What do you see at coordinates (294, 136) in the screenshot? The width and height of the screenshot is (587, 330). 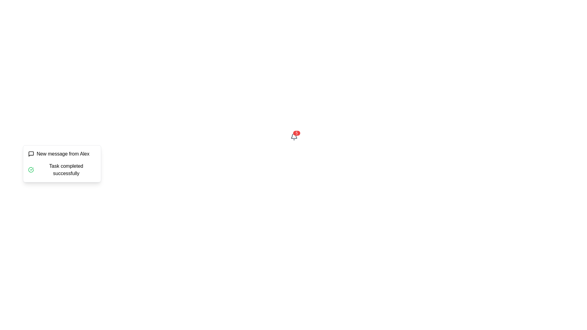 I see `the interactive notification icon styled as a gray bell with a red badge showing the number '5'` at bounding box center [294, 136].